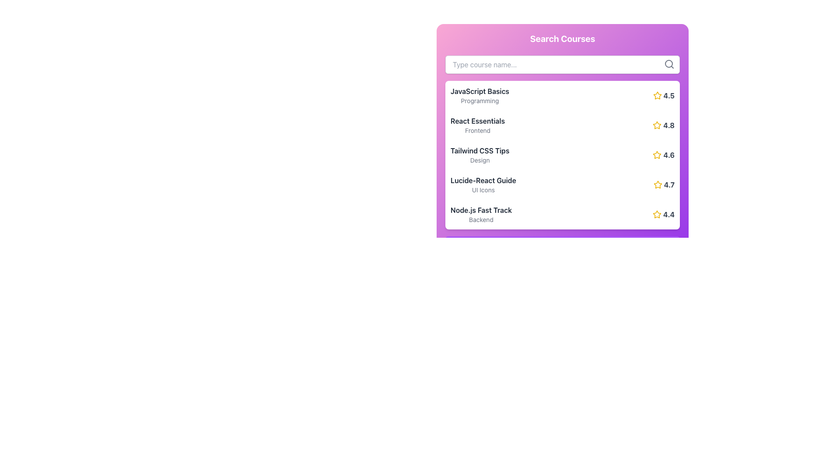 The width and height of the screenshot is (840, 472). Describe the element at coordinates (664, 125) in the screenshot. I see `rating value displayed for the 'React Essentials' course, which is indicated by the rating display located at the far right end of the course information row` at that location.